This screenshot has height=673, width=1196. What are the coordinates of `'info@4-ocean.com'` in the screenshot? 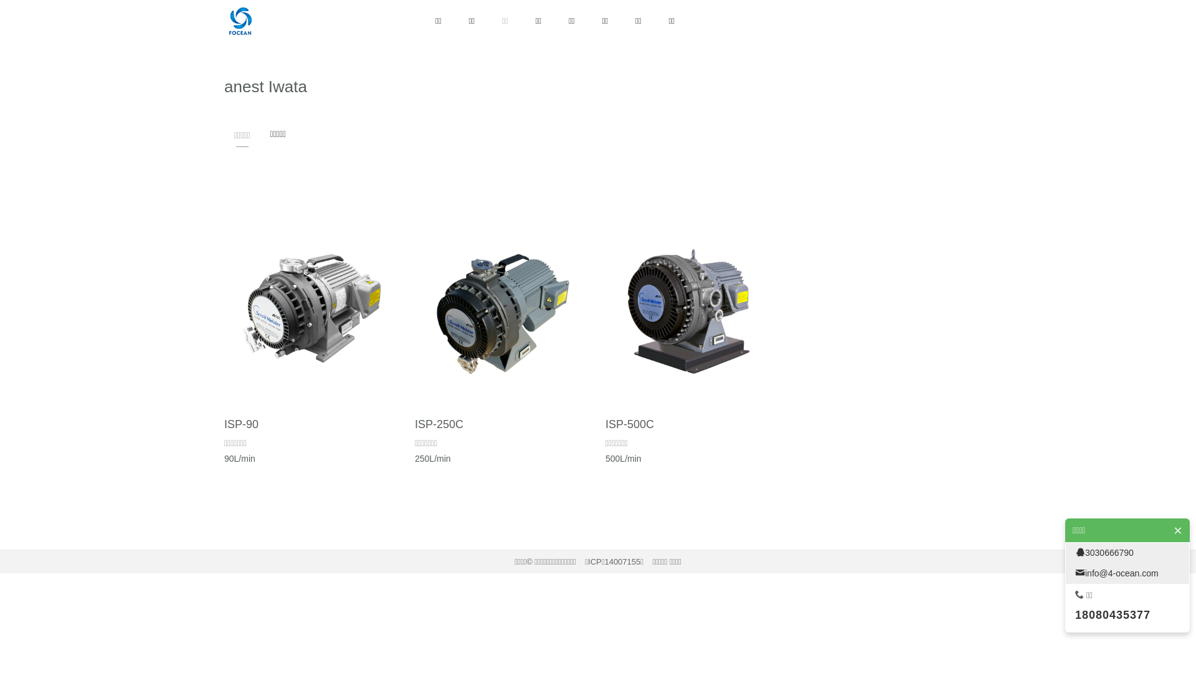 It's located at (1127, 573).